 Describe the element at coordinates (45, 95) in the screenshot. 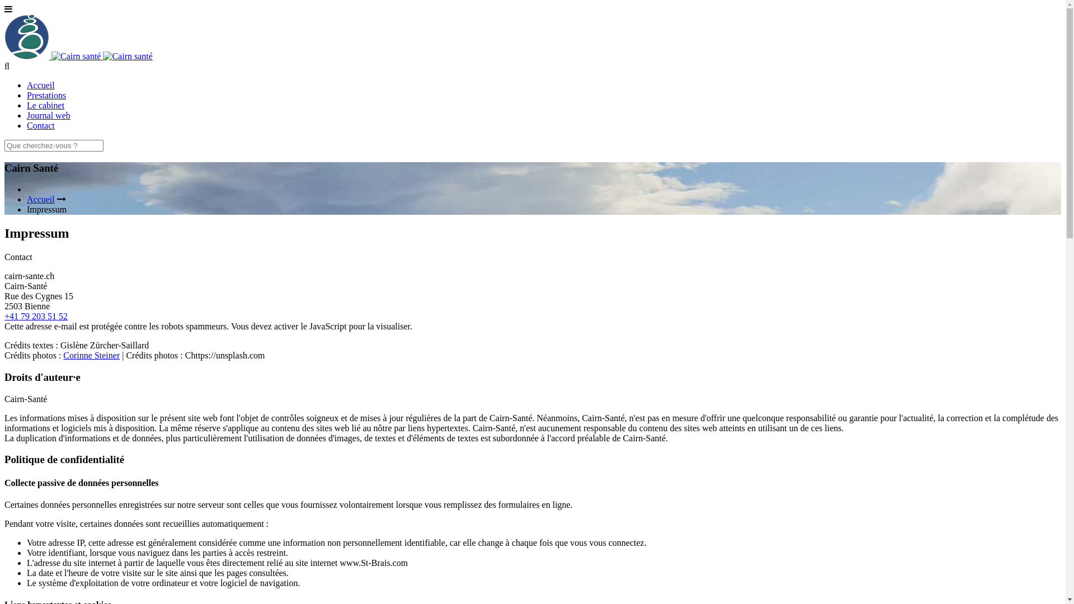

I see `'Prestations'` at that location.